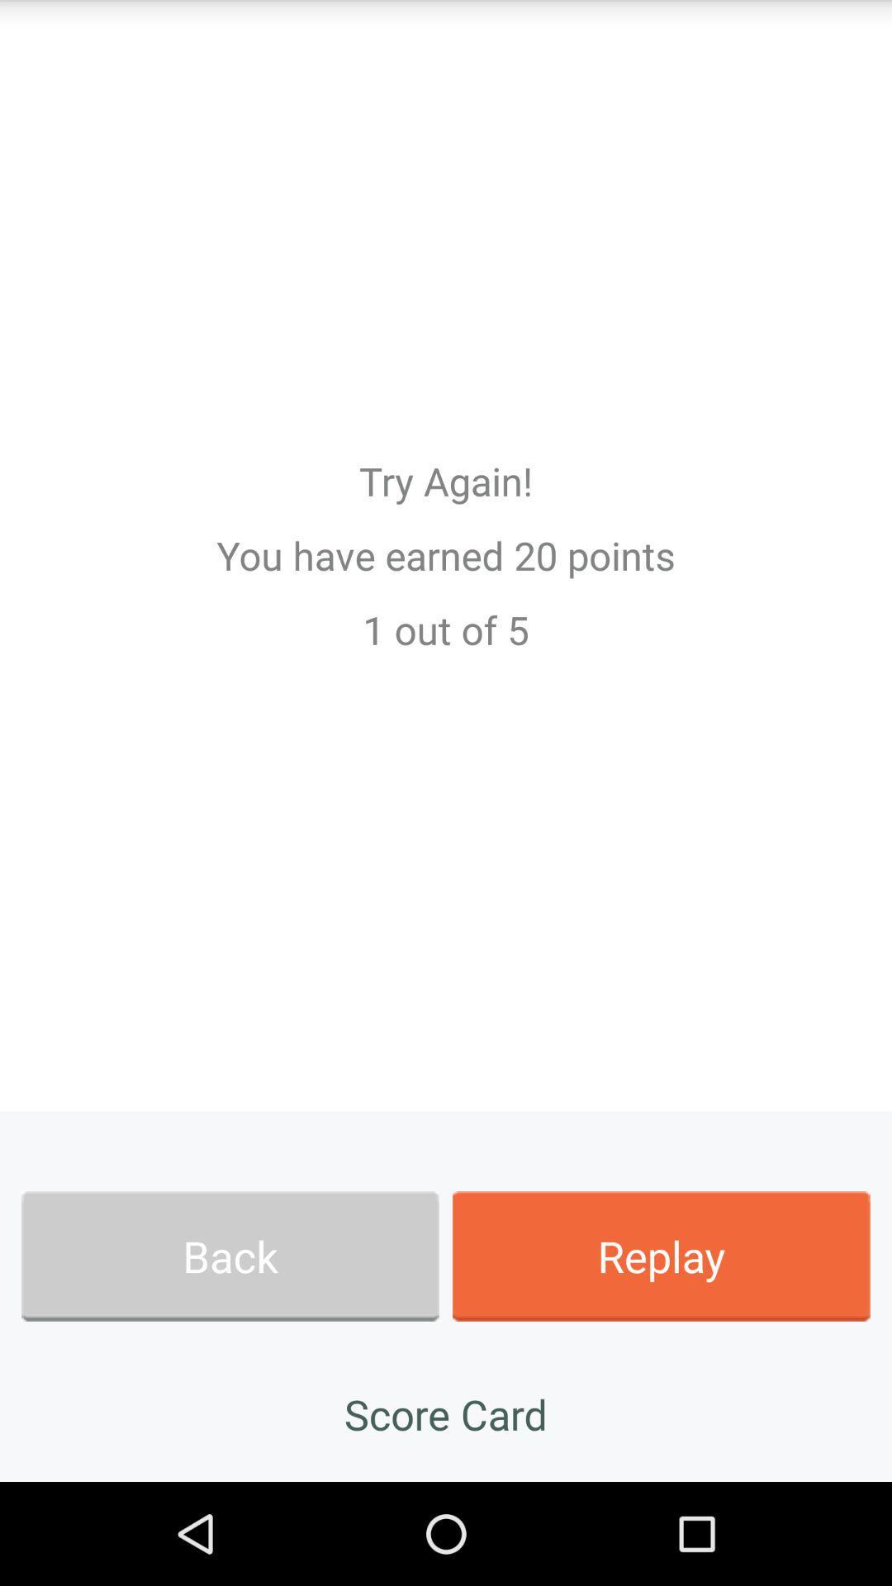 The image size is (892, 1586). Describe the element at coordinates (230, 1256) in the screenshot. I see `the icon below 1 out of icon` at that location.